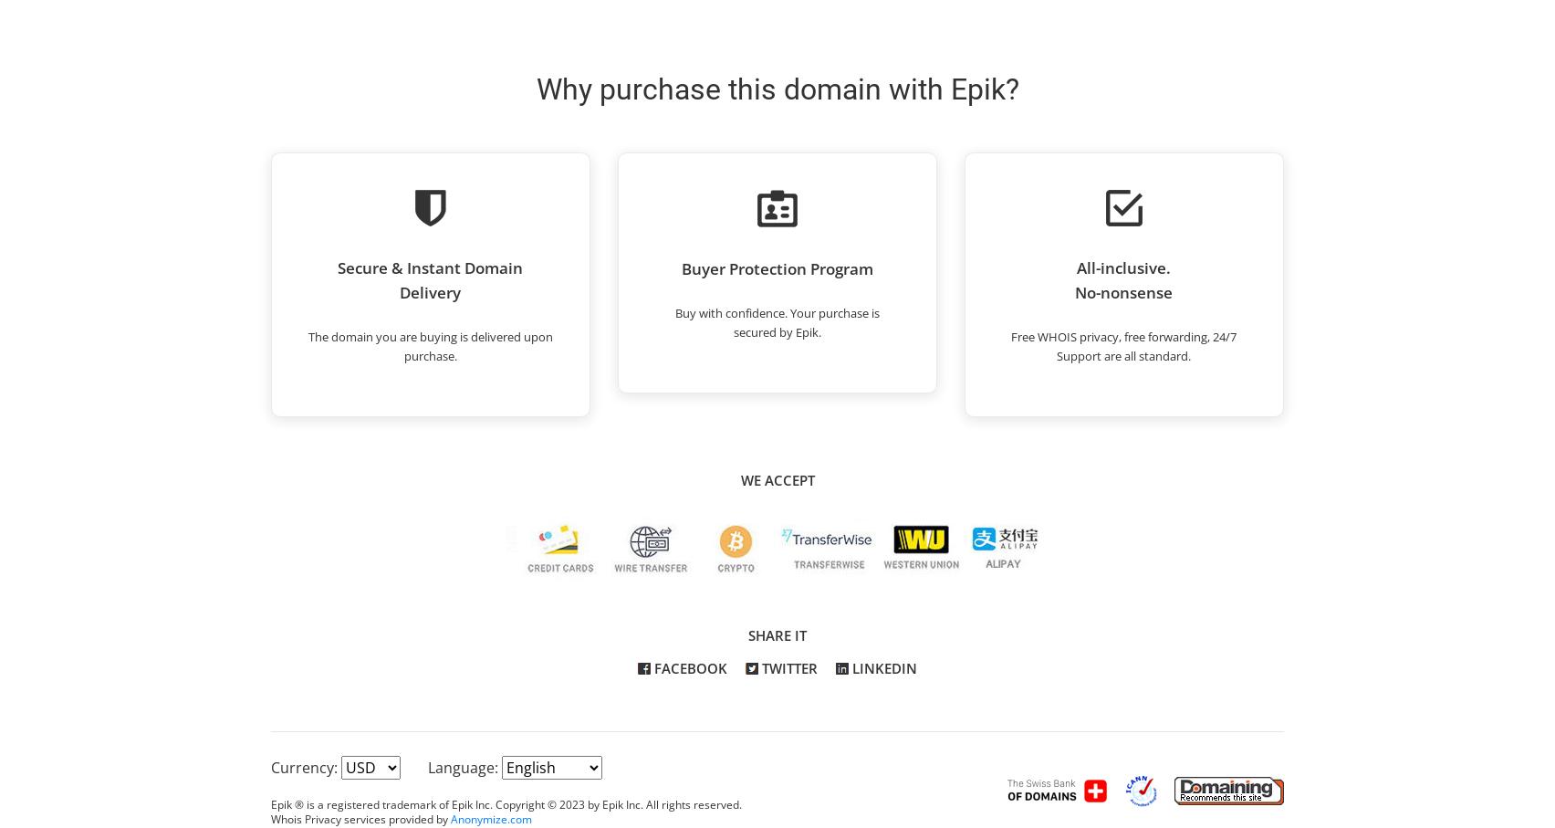  Describe the element at coordinates (777, 634) in the screenshot. I see `'Share it'` at that location.